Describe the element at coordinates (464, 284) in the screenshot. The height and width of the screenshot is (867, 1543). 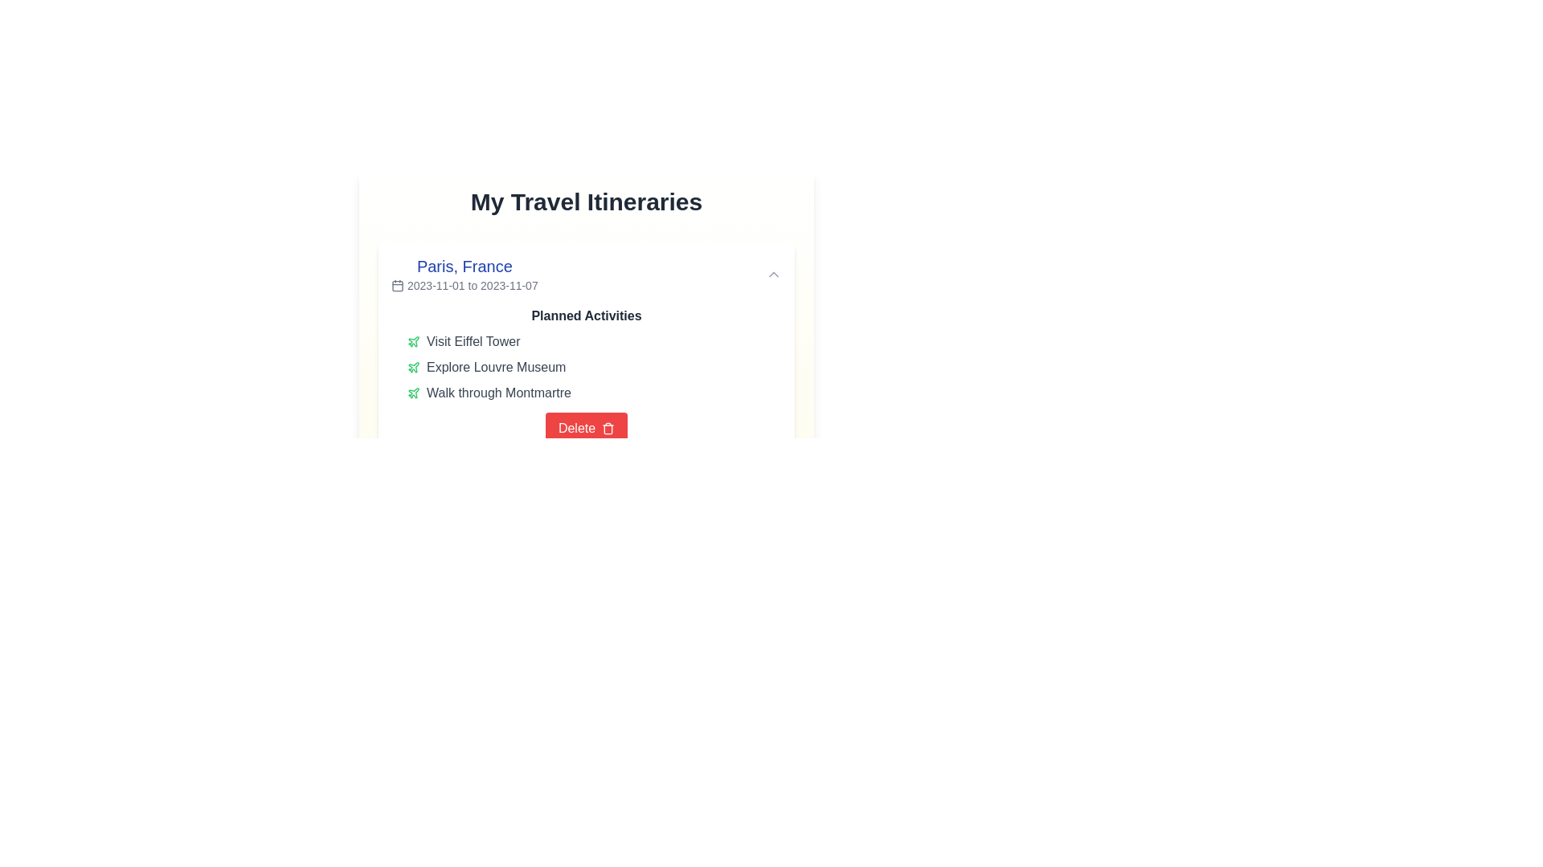
I see `displayed date range from the text label located directly beneath the 'Paris, France' label in the 'My Travel Itineraries' section, aligned to the right of the calendar icon` at that location.